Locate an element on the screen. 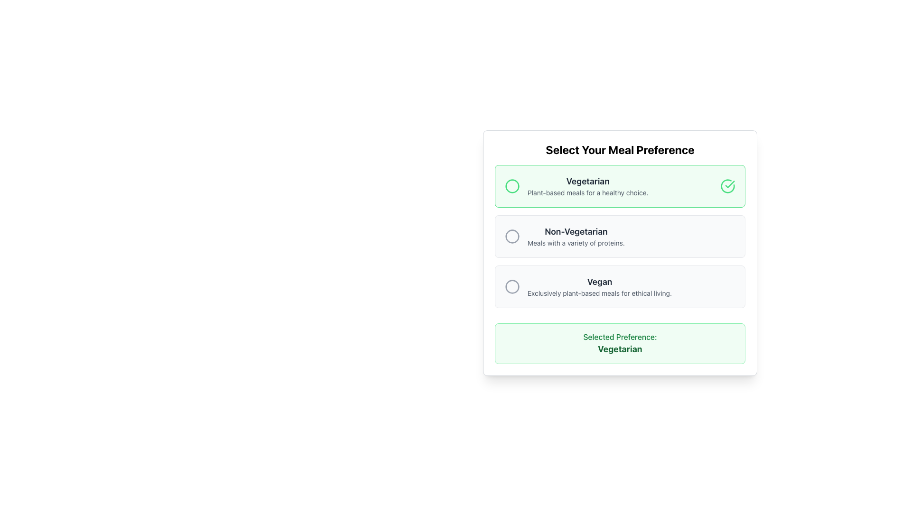 The height and width of the screenshot is (512, 911). the SVG Circle representing the 'Vegetarian' option in the meal preference selection form, which has a green border and a transparent center is located at coordinates (512, 186).